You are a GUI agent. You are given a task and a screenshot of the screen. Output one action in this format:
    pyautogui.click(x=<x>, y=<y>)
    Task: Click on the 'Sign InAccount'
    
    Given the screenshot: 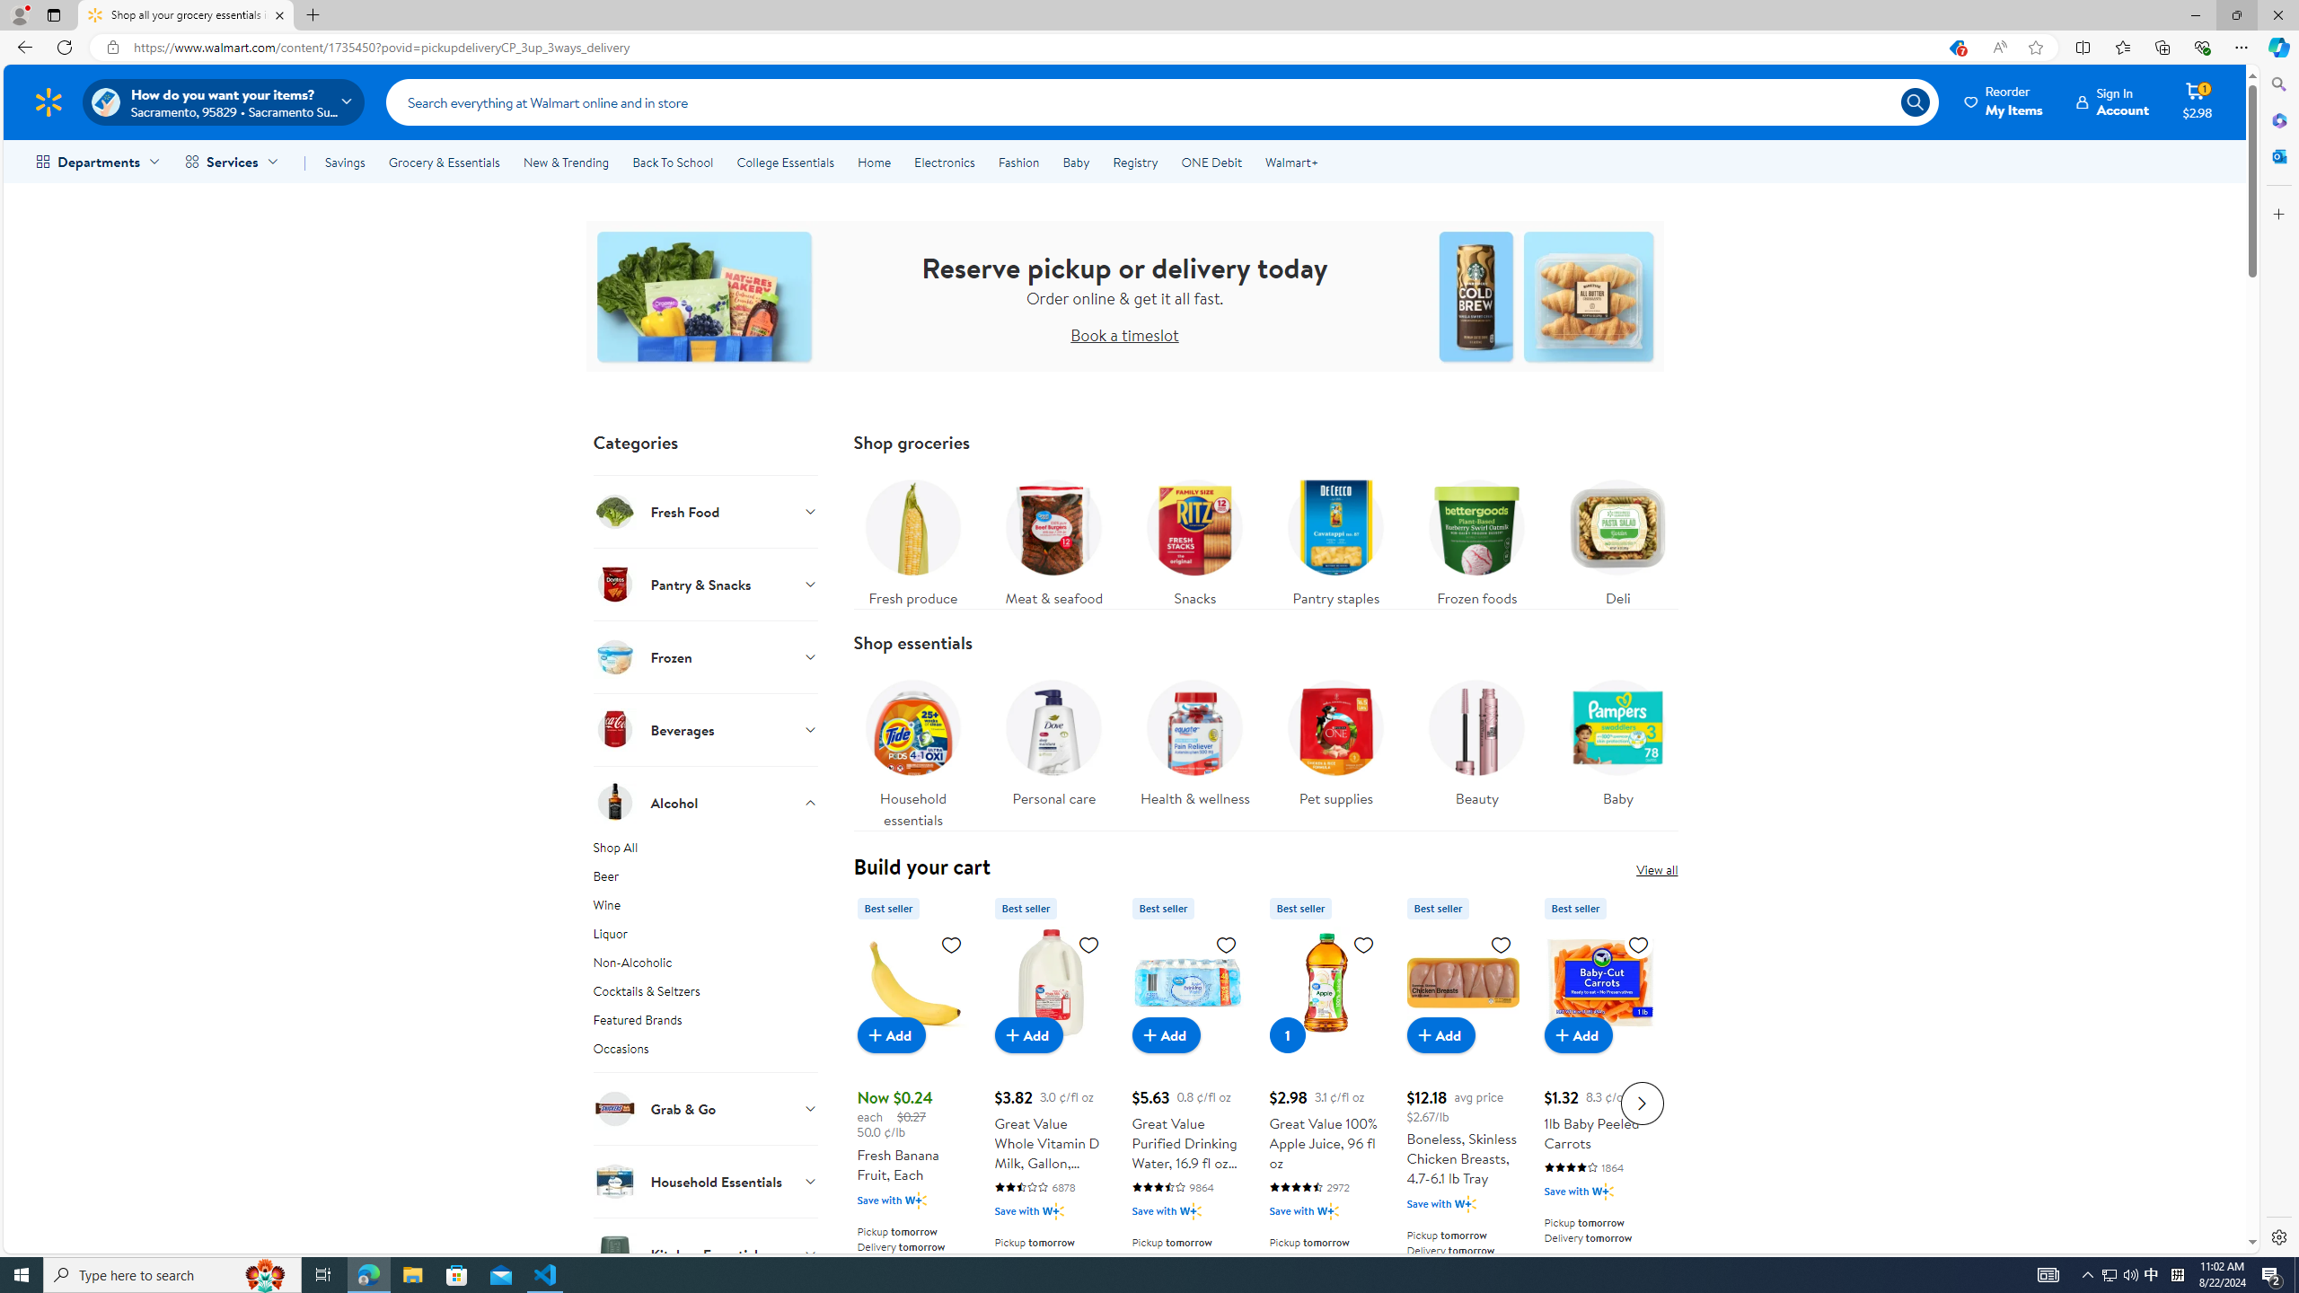 What is the action you would take?
    pyautogui.click(x=2112, y=101)
    